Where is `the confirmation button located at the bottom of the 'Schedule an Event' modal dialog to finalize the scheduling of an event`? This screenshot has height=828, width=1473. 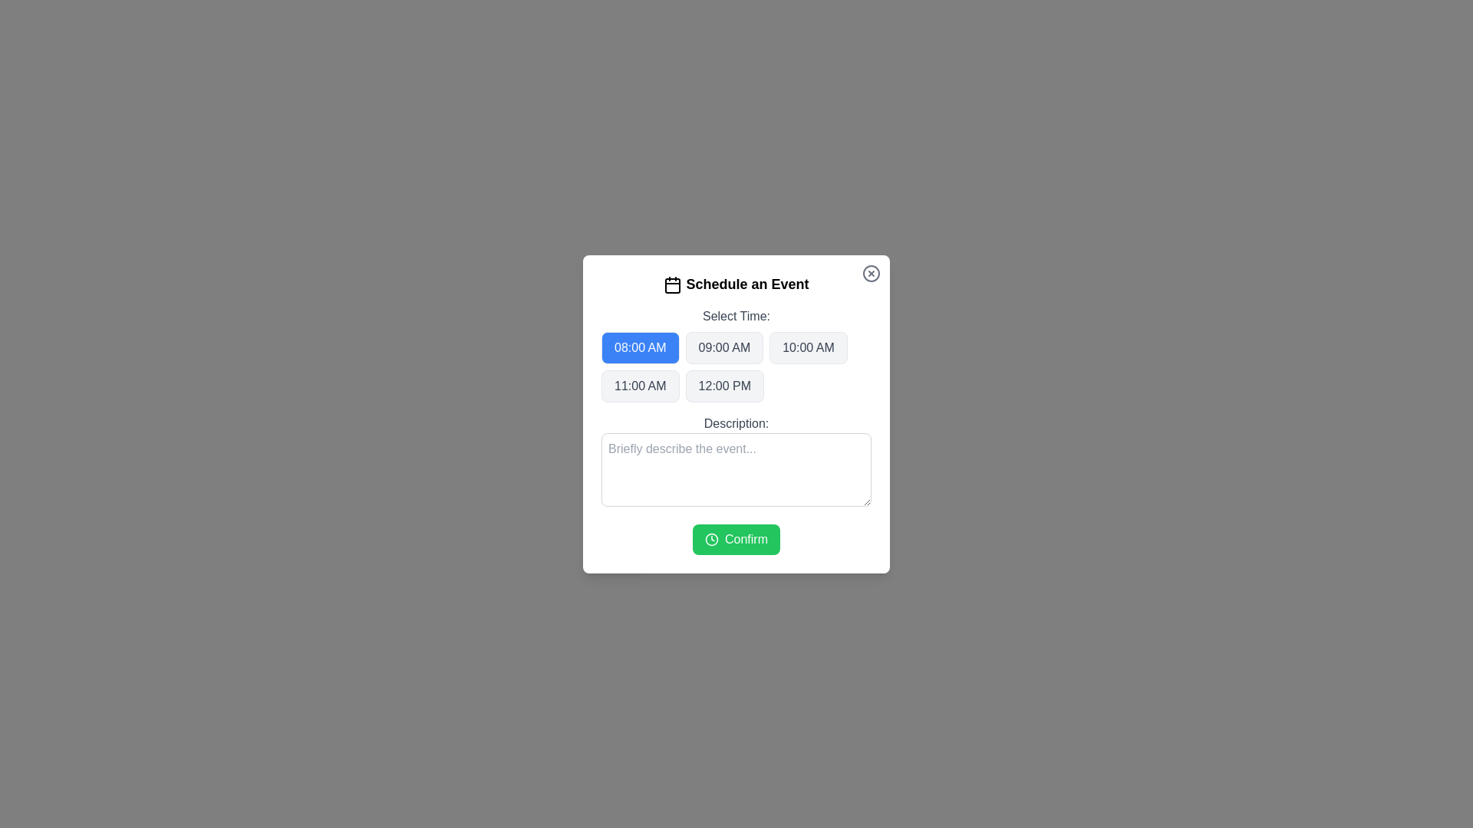 the confirmation button located at the bottom of the 'Schedule an Event' modal dialog to finalize the scheduling of an event is located at coordinates (736, 538).